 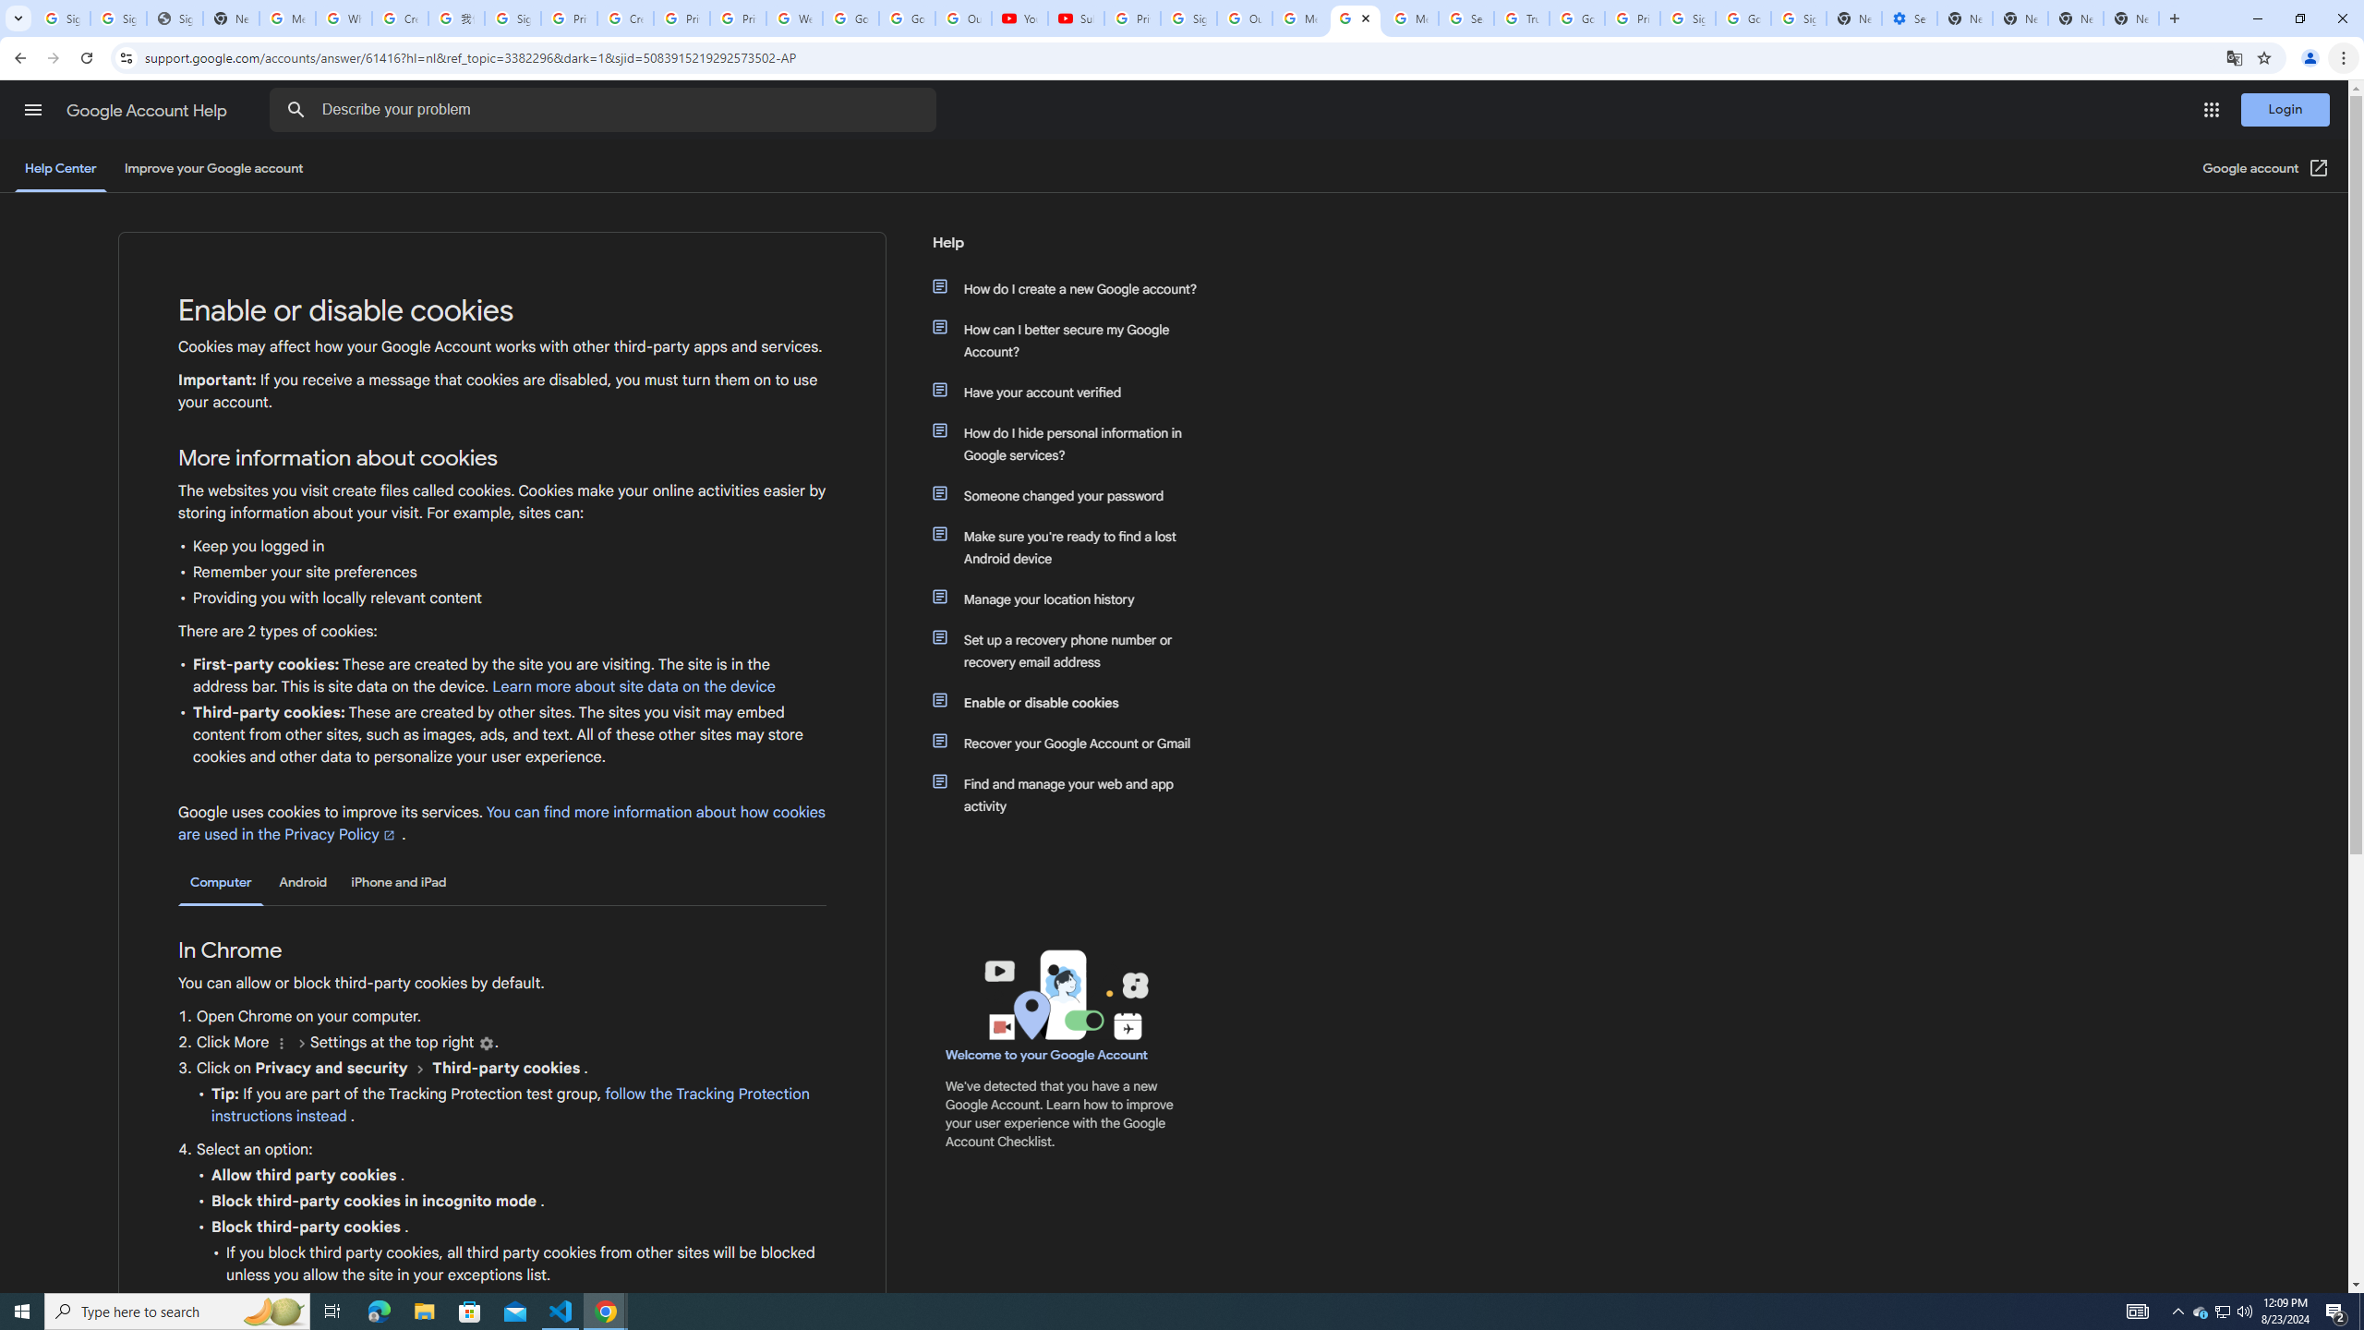 What do you see at coordinates (221, 882) in the screenshot?
I see `'Computer'` at bounding box center [221, 882].